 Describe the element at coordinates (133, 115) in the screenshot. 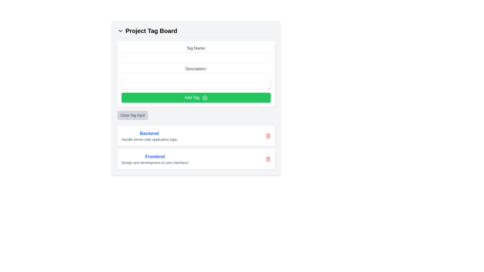

I see `the 'Close Tag Input' button, which has a gray background and is located below the 'Add Tag' button, for reordering` at that location.